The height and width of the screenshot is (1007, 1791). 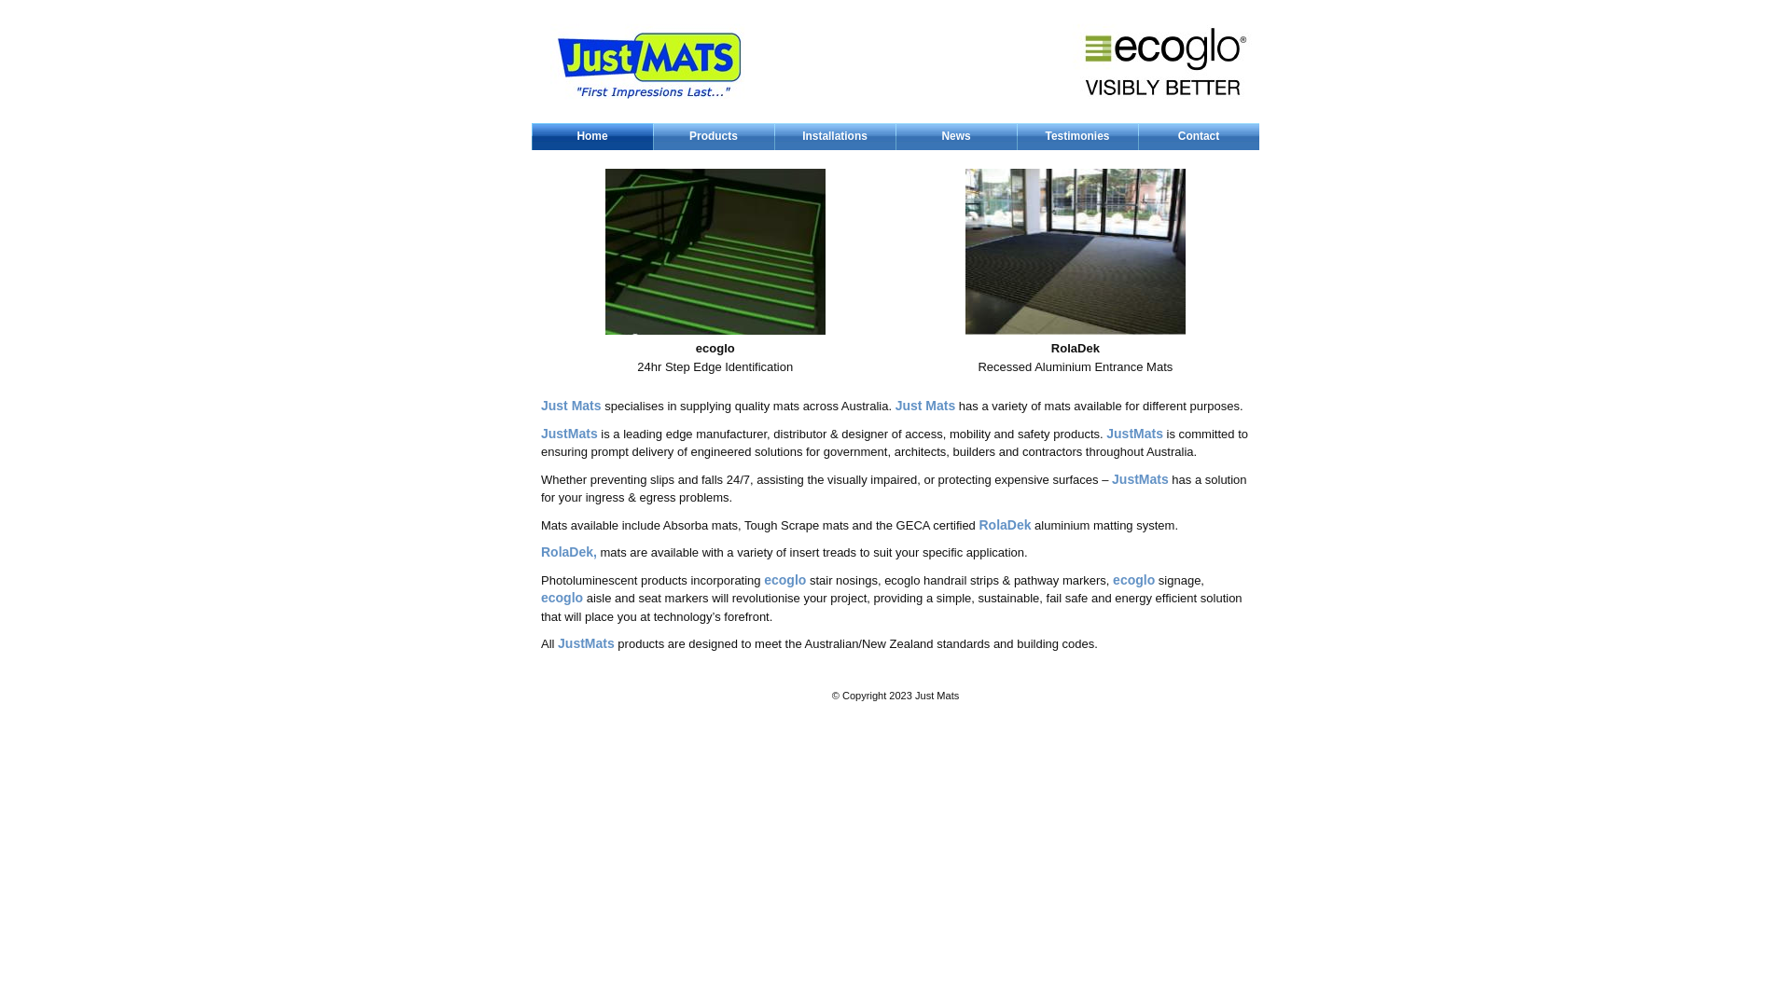 I want to click on 'Home', so click(x=531, y=135).